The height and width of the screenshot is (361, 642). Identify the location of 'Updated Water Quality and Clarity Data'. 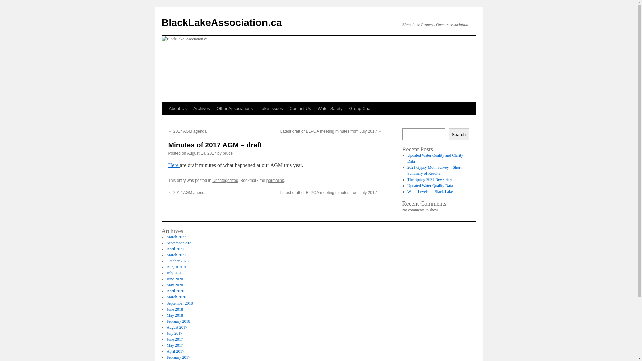
(435, 158).